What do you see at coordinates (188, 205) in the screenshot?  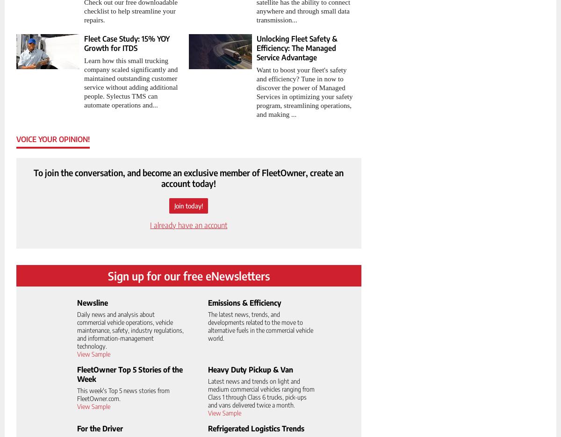 I see `'Join today!'` at bounding box center [188, 205].